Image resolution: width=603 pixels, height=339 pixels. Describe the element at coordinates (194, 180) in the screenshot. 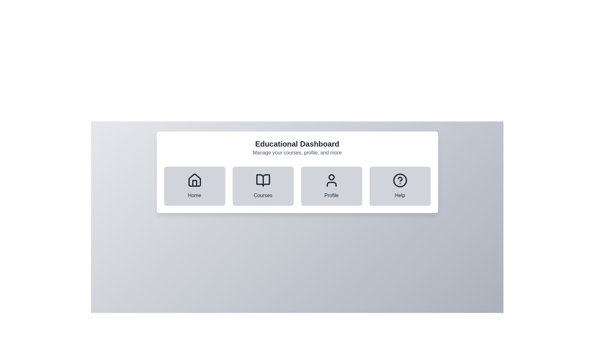

I see `the 'Home' button which contains the house icon, located at the leftmost side of the navigation menu` at that location.